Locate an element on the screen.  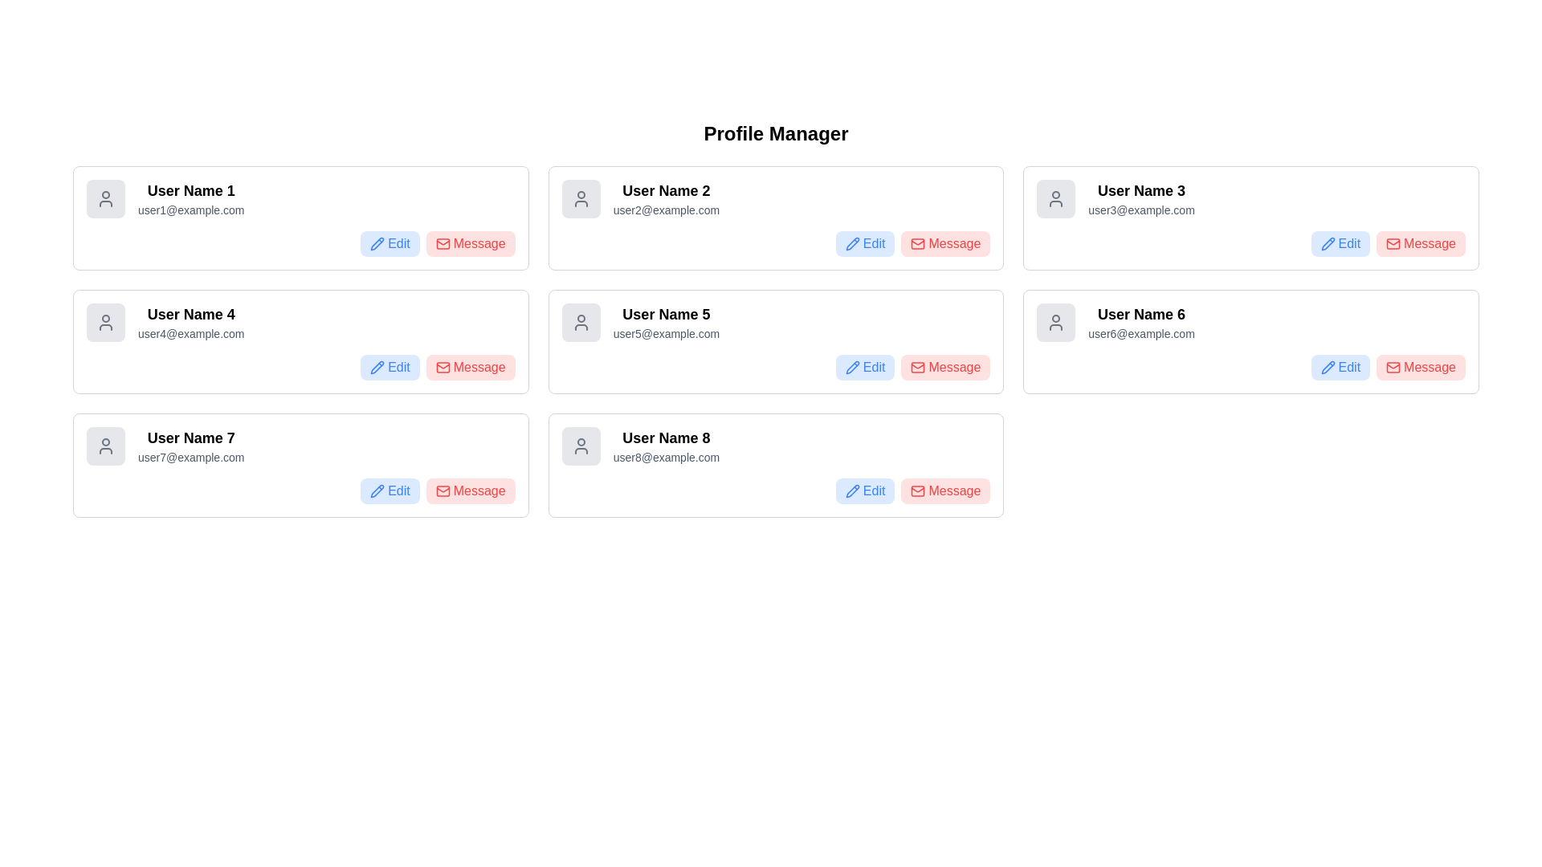
the button in the bottom-right corner of the card for 'User Name 4' is located at coordinates (470, 368).